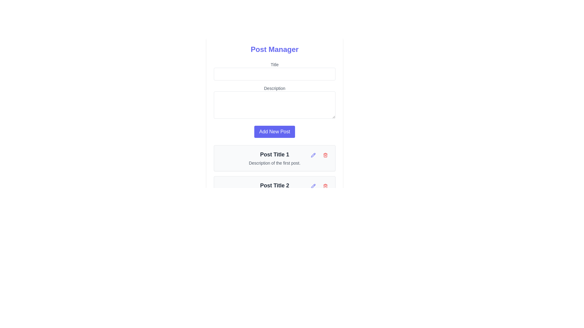  What do you see at coordinates (274, 88) in the screenshot?
I see `the Text Label that guides the user for the textarea input field located directly below it, positioned at the top-center of the interface` at bounding box center [274, 88].